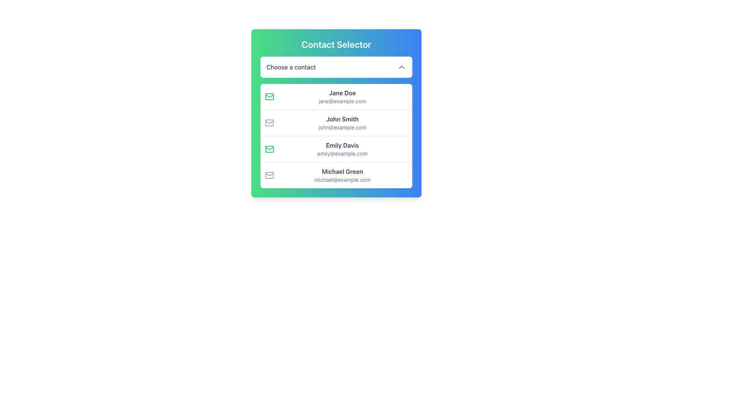  I want to click on the label displaying the name 'Jane Doe', which is styled in dark gray bold font and positioned at the top of the contact options menu, so click(342, 93).